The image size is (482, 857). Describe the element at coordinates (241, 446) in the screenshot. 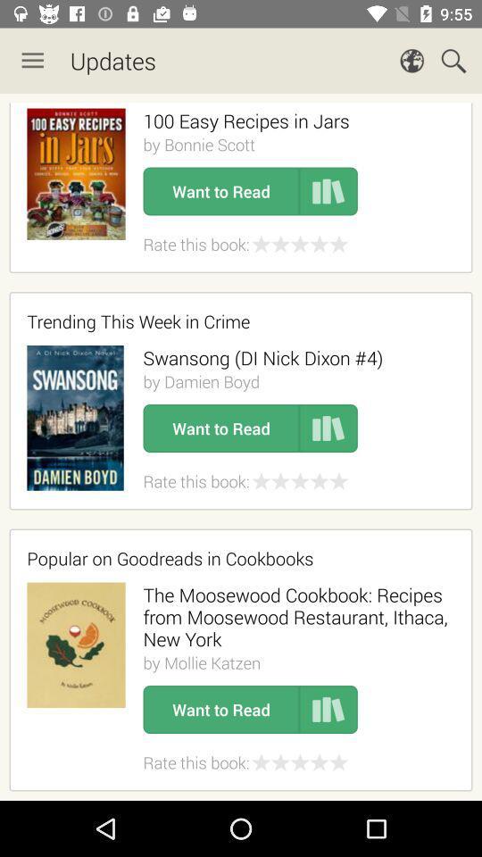

I see `all` at that location.